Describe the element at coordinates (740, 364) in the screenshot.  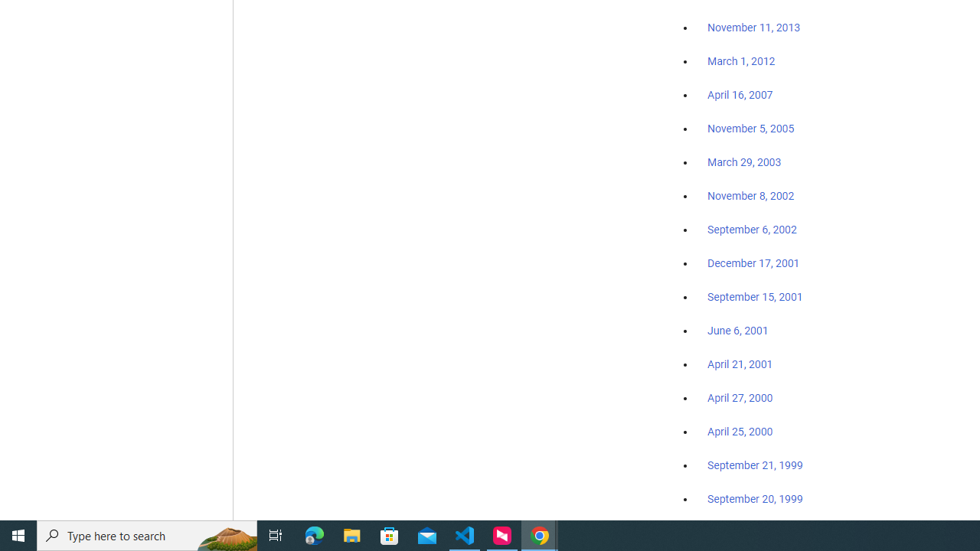
I see `'April 21, 2001'` at that location.